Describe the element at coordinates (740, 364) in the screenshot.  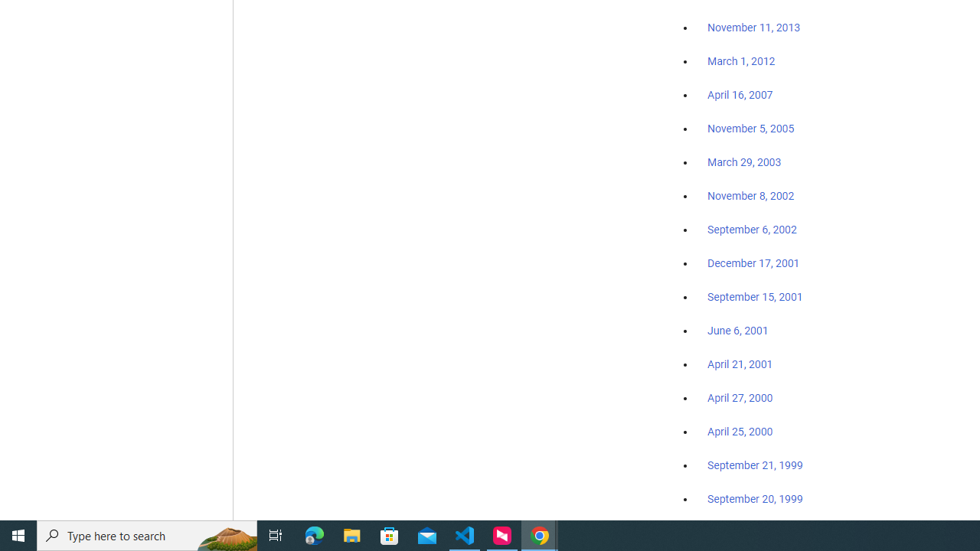
I see `'April 21, 2001'` at that location.